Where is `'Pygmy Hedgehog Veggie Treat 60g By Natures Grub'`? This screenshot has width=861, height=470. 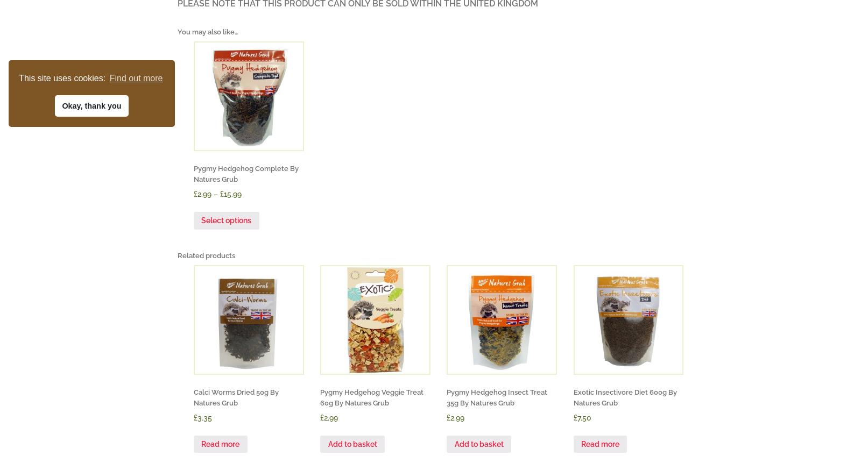 'Pygmy Hedgehog Veggie Treat 60g By Natures Grub' is located at coordinates (372, 396).